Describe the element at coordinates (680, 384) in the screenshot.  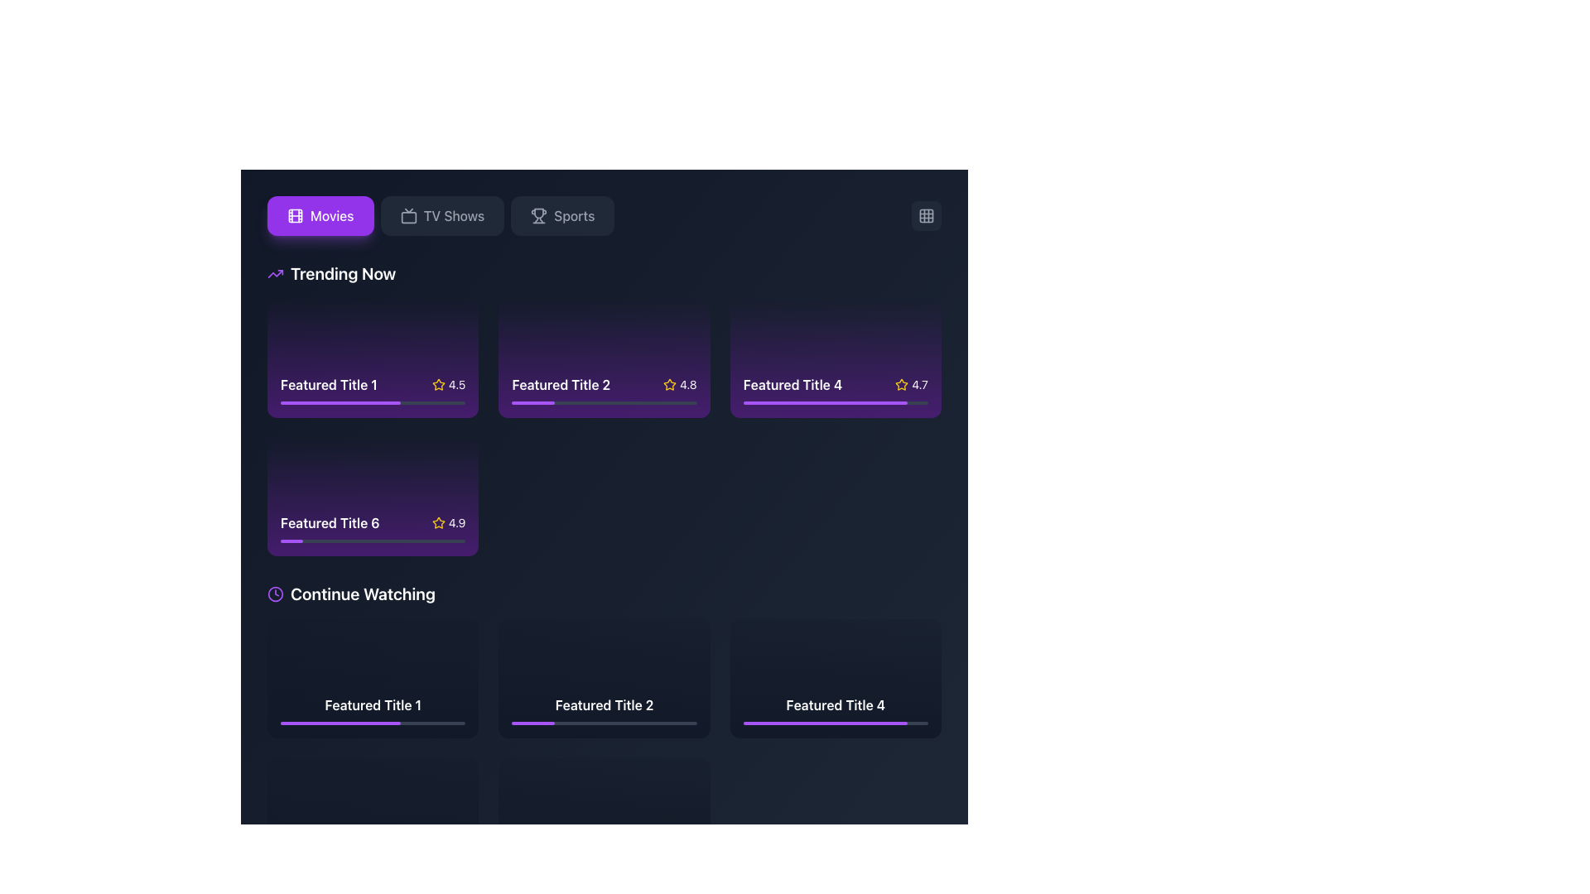
I see `the static text element displaying '4.8' that is styled in white text and located next to a star icon, representing a rating, on the top right of the card for 'Featured Title 2'` at that location.